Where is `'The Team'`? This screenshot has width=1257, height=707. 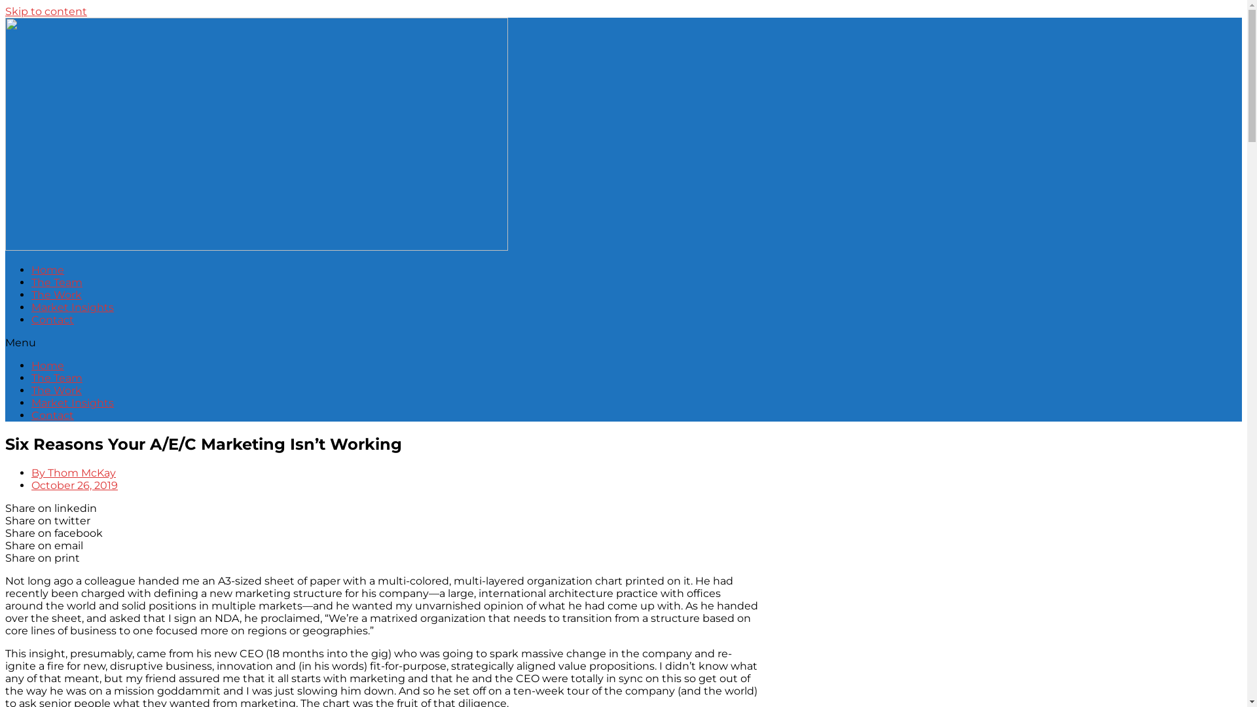
'The Team' is located at coordinates (56, 281).